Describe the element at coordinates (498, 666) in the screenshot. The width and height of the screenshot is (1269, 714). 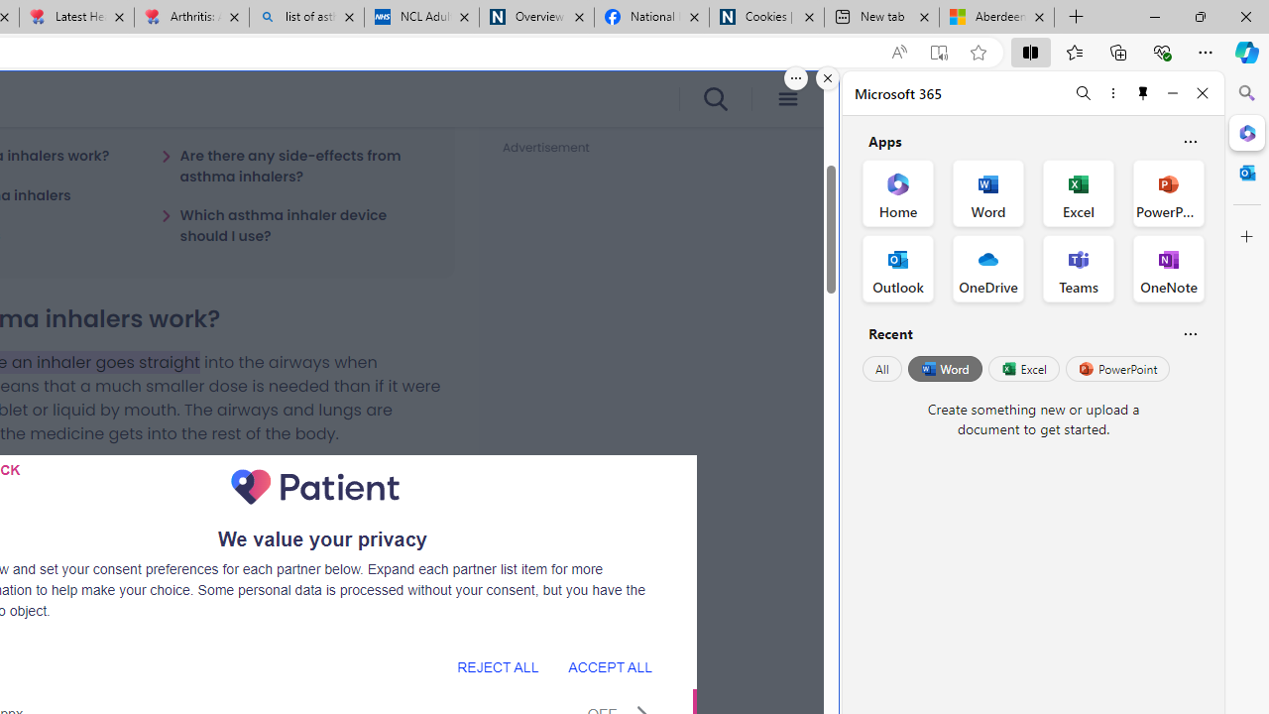
I see `'REJECT ALL'` at that location.